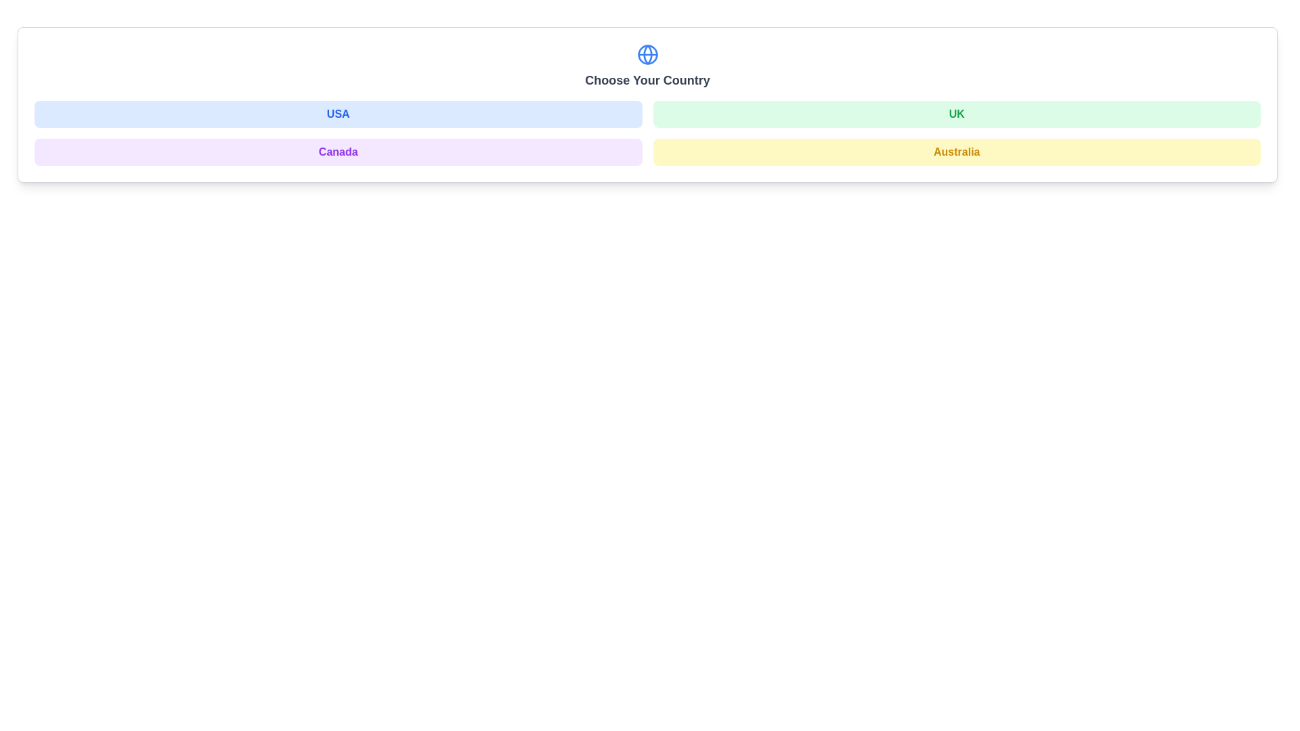 The height and width of the screenshot is (731, 1300). Describe the element at coordinates (338, 114) in the screenshot. I see `the button containing the text 'USA' which is displayed in bold blue font and is centered within a light blue rounded rectangle, located in the top-left segment of a 2x2 grid of buttons` at that location.